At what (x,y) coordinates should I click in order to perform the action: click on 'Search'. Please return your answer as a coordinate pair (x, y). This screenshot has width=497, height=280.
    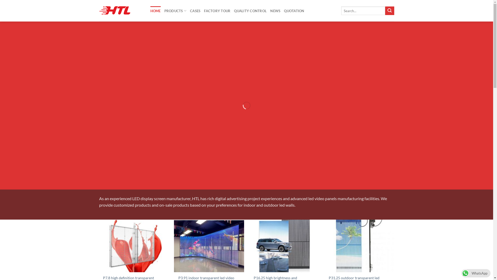
    Looking at the image, I should click on (390, 11).